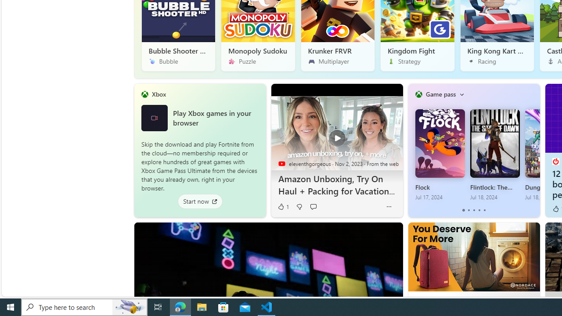 The image size is (562, 316). What do you see at coordinates (468, 210) in the screenshot?
I see `'tab-1'` at bounding box center [468, 210].